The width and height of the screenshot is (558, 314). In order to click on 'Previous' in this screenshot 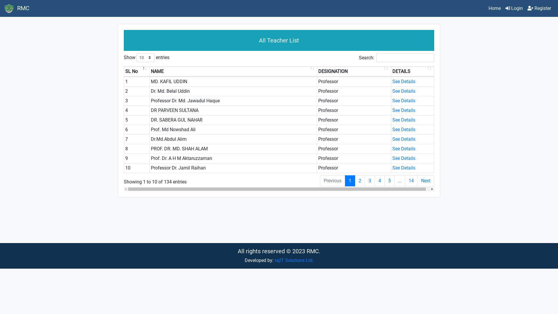, I will do `click(332, 180)`.